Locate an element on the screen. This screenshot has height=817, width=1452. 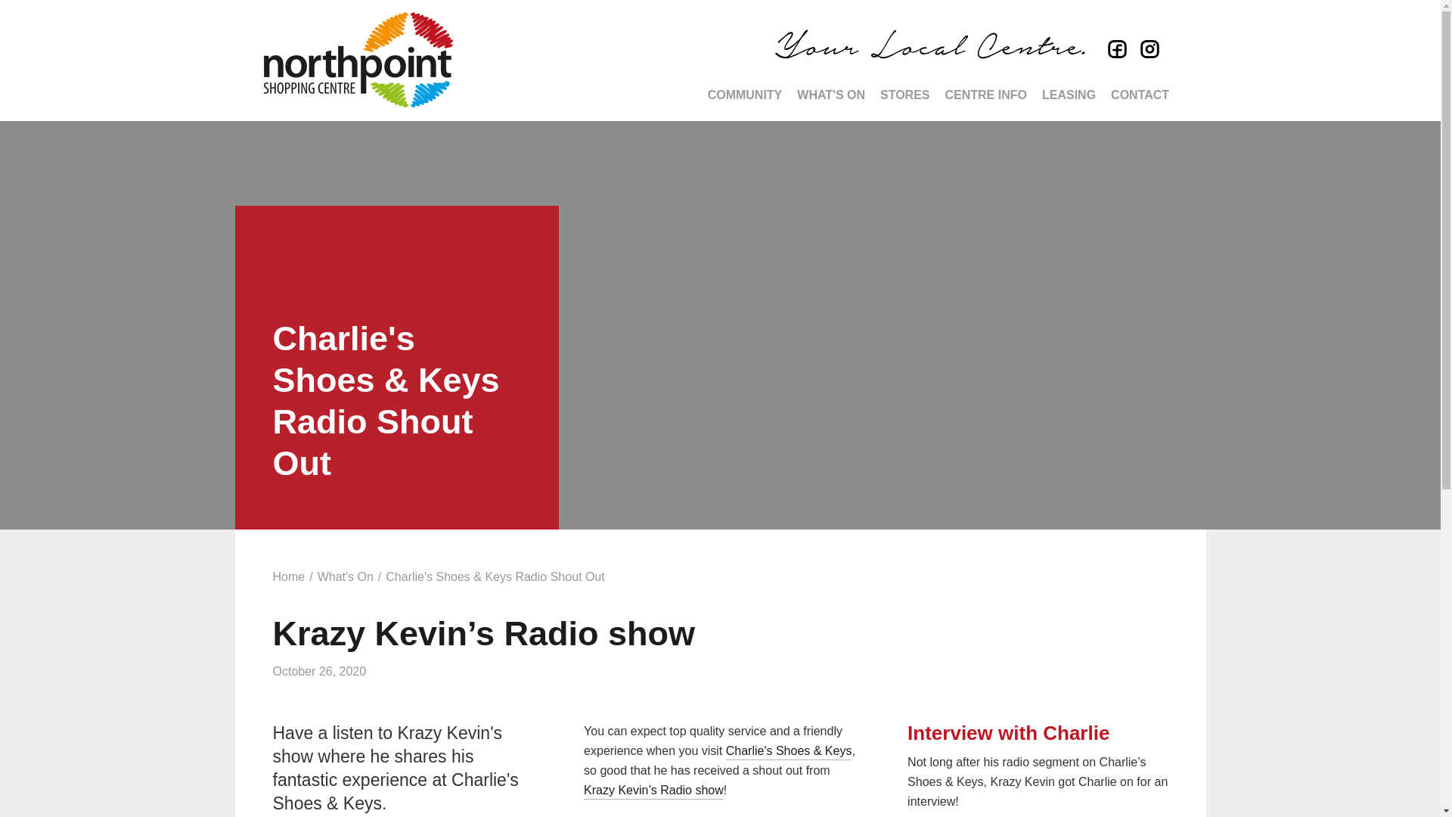
'LEASING' is located at coordinates (1068, 95).